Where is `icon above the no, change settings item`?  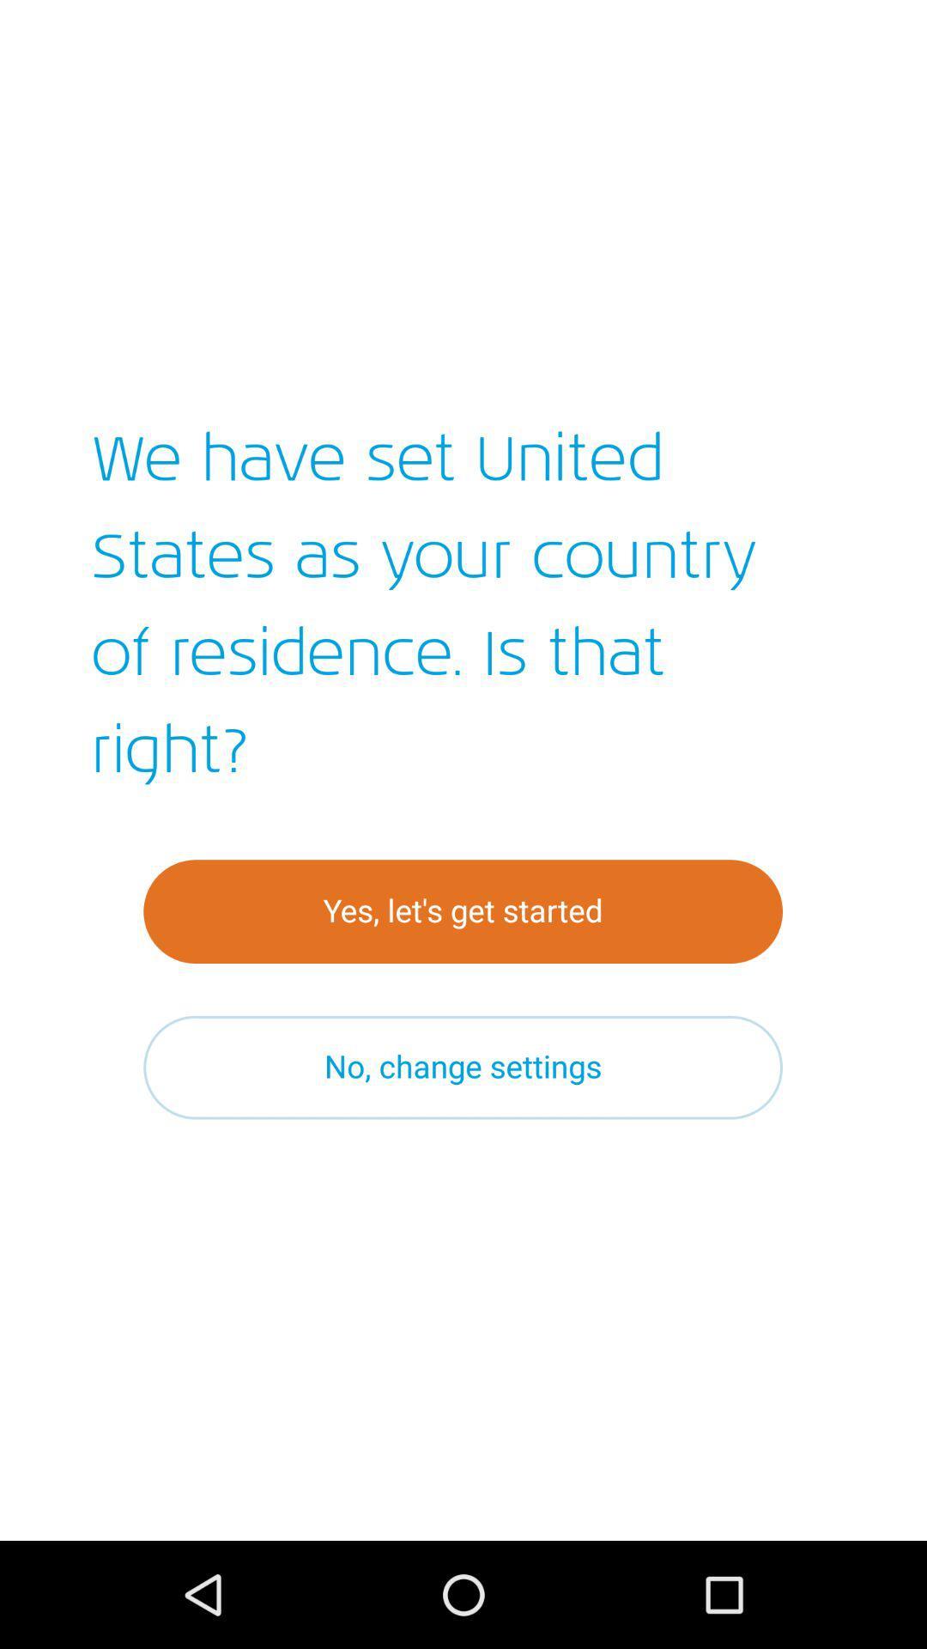 icon above the no, change settings item is located at coordinates (462, 910).